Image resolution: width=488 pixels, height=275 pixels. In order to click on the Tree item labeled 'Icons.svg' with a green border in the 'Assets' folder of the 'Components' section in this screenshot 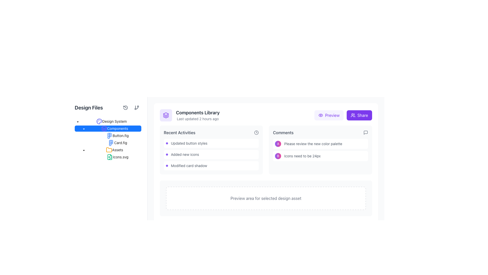, I will do `click(108, 157)`.